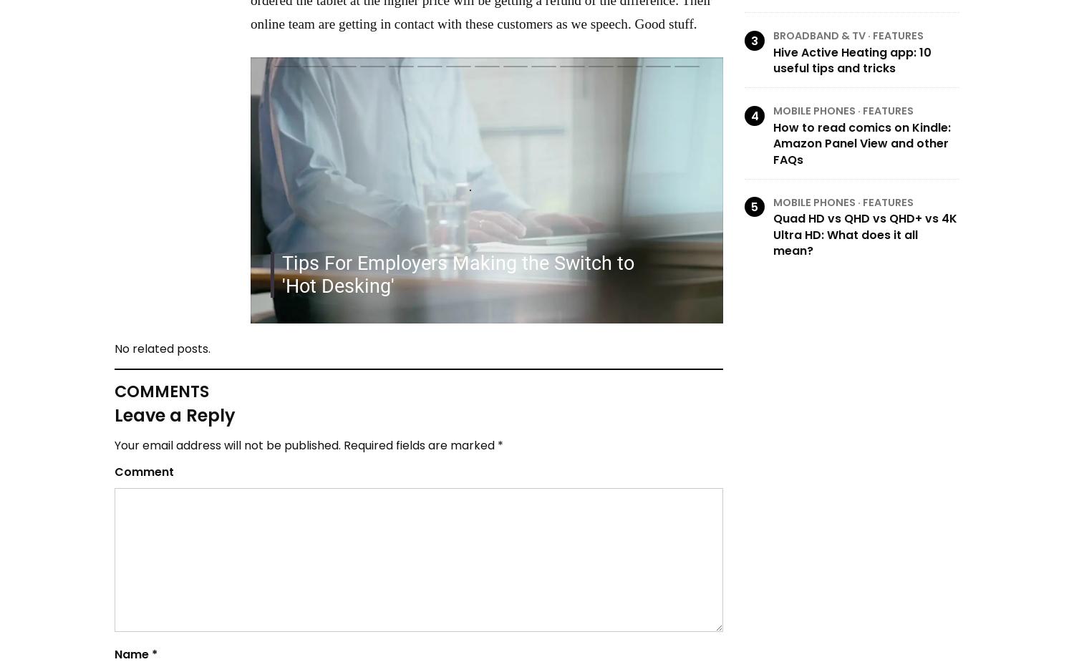 Image resolution: width=1074 pixels, height=662 pixels. I want to click on 'Your email address will not be published.', so click(227, 445).